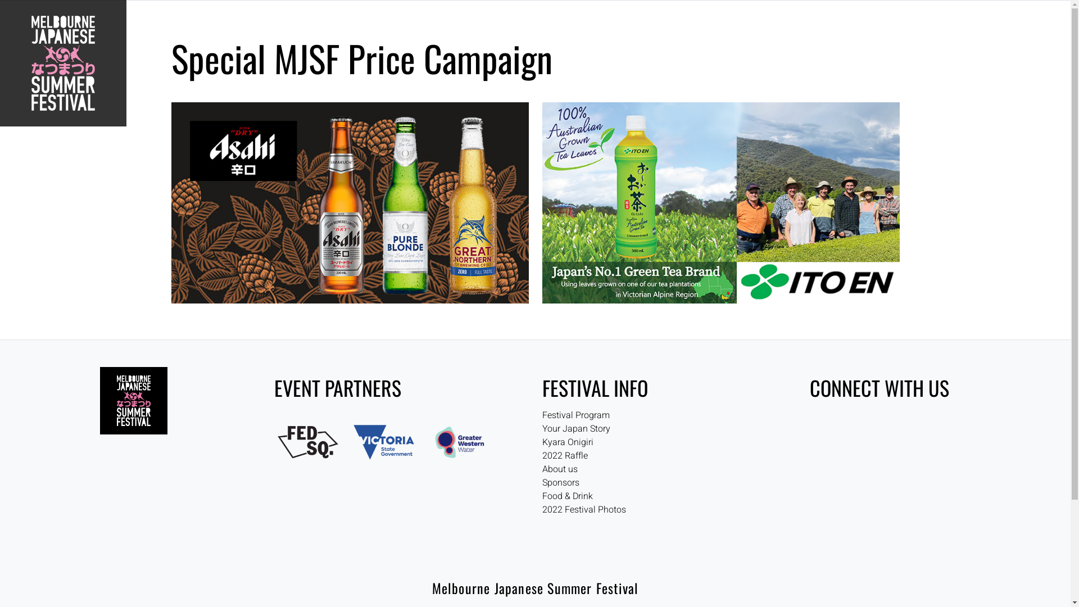 The width and height of the screenshot is (1079, 607). Describe the element at coordinates (566, 496) in the screenshot. I see `'Food & Drink'` at that location.